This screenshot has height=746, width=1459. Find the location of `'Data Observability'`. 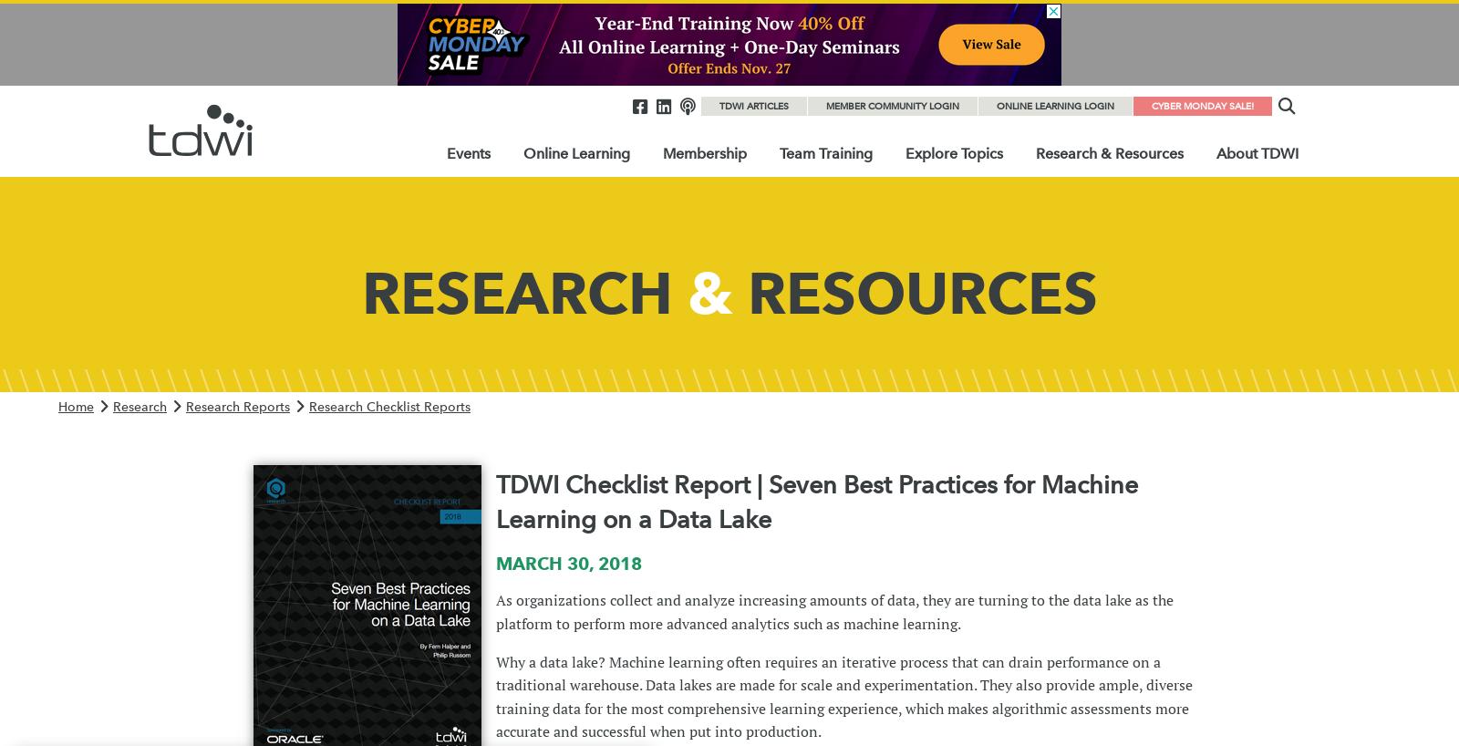

'Data Observability' is located at coordinates (970, 296).